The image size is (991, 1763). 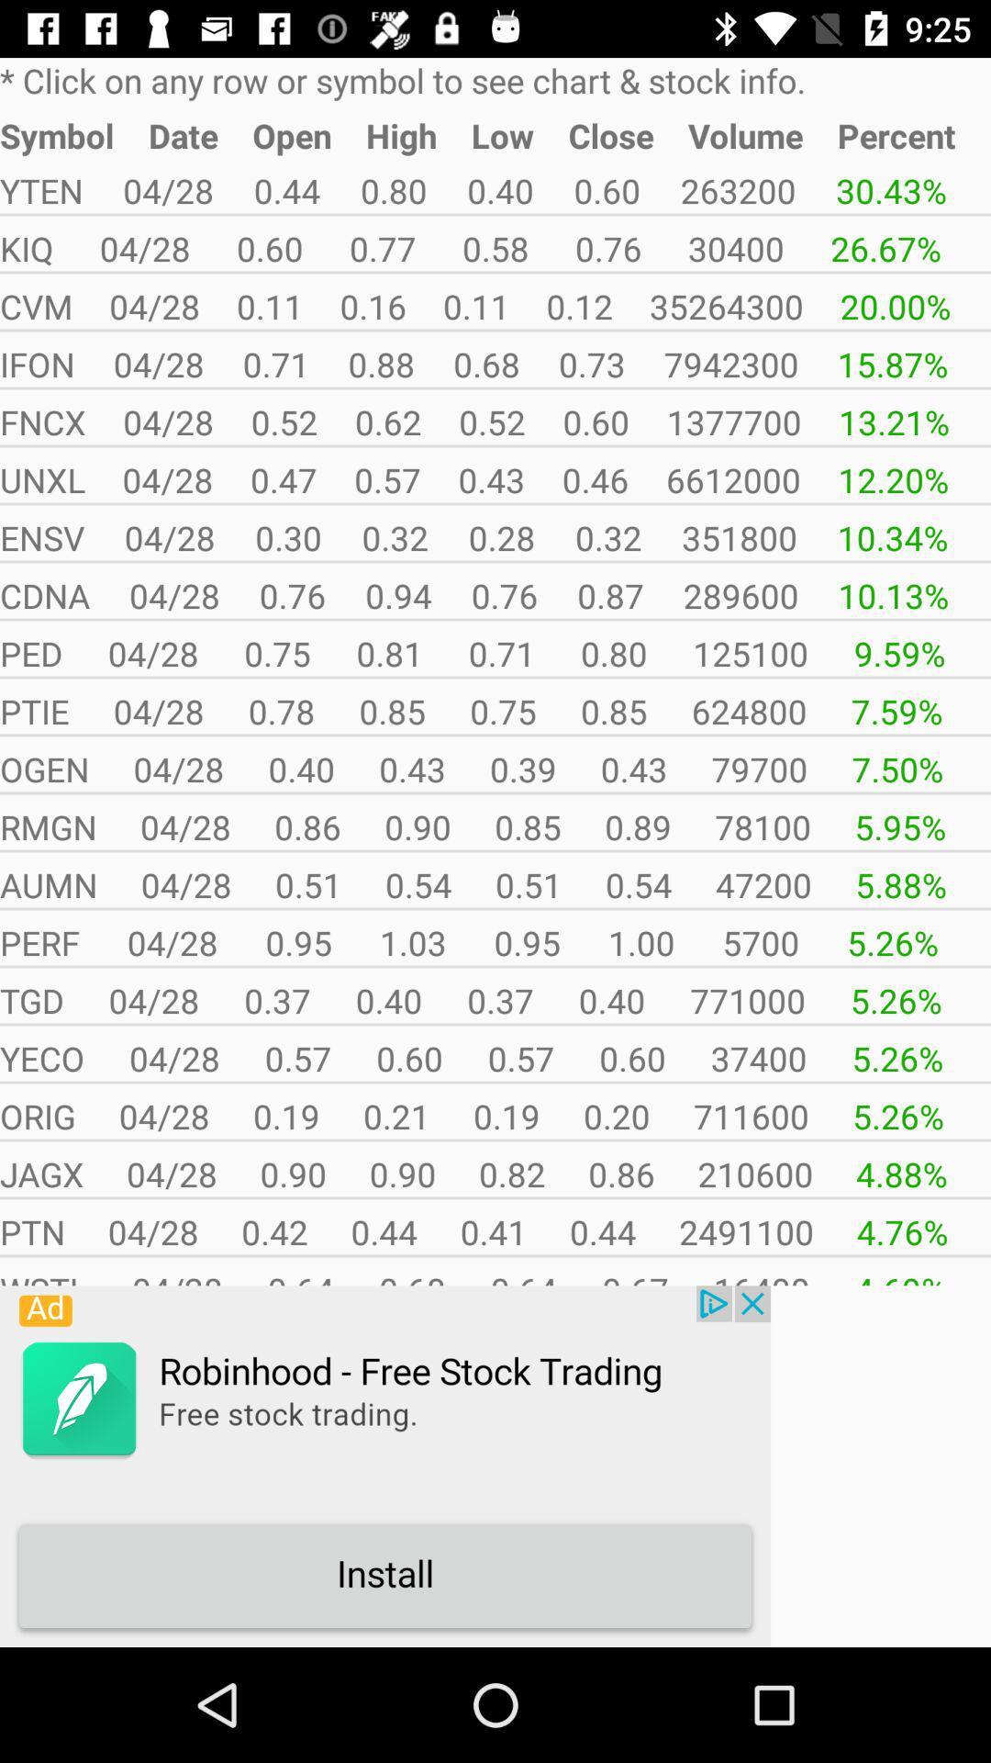 I want to click on install app, so click(x=384, y=1465).